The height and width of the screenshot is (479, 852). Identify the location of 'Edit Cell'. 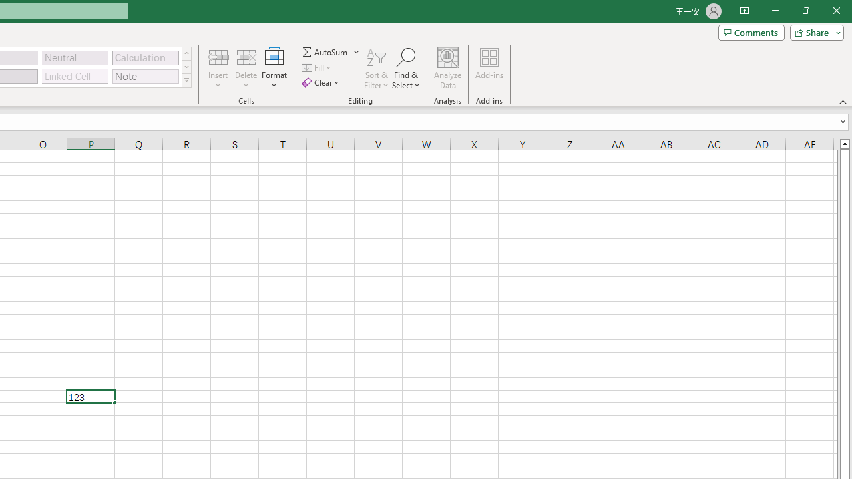
(90, 396).